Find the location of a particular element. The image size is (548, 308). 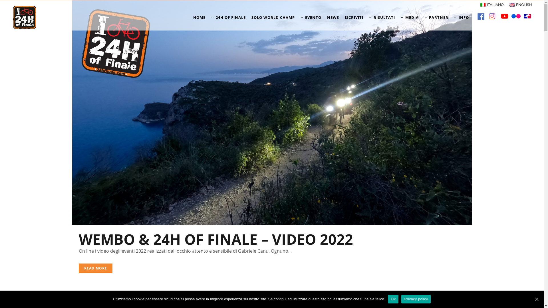

'Privacy policy' is located at coordinates (416, 299).